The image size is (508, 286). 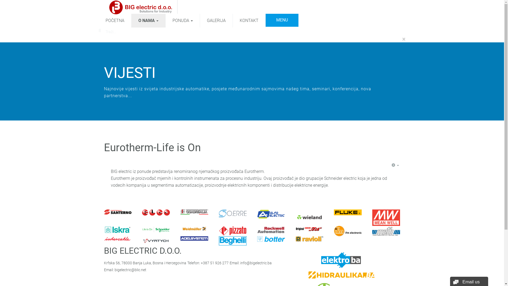 I want to click on 'MENU', so click(x=282, y=20).